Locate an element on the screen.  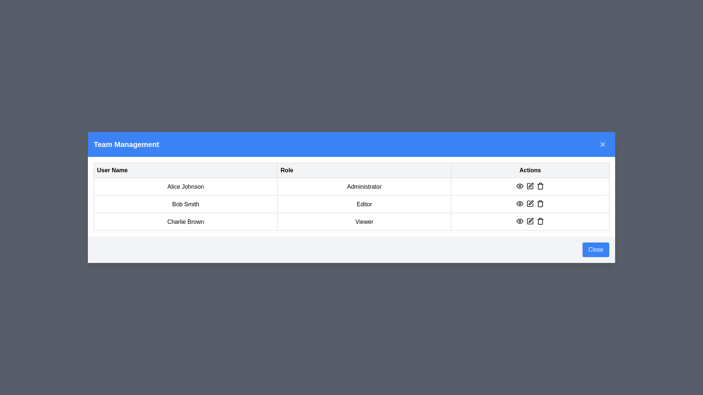
the eye-shaped icon representing a view or visibility action, located in the first row of the 'Actions' column is located at coordinates (520, 186).